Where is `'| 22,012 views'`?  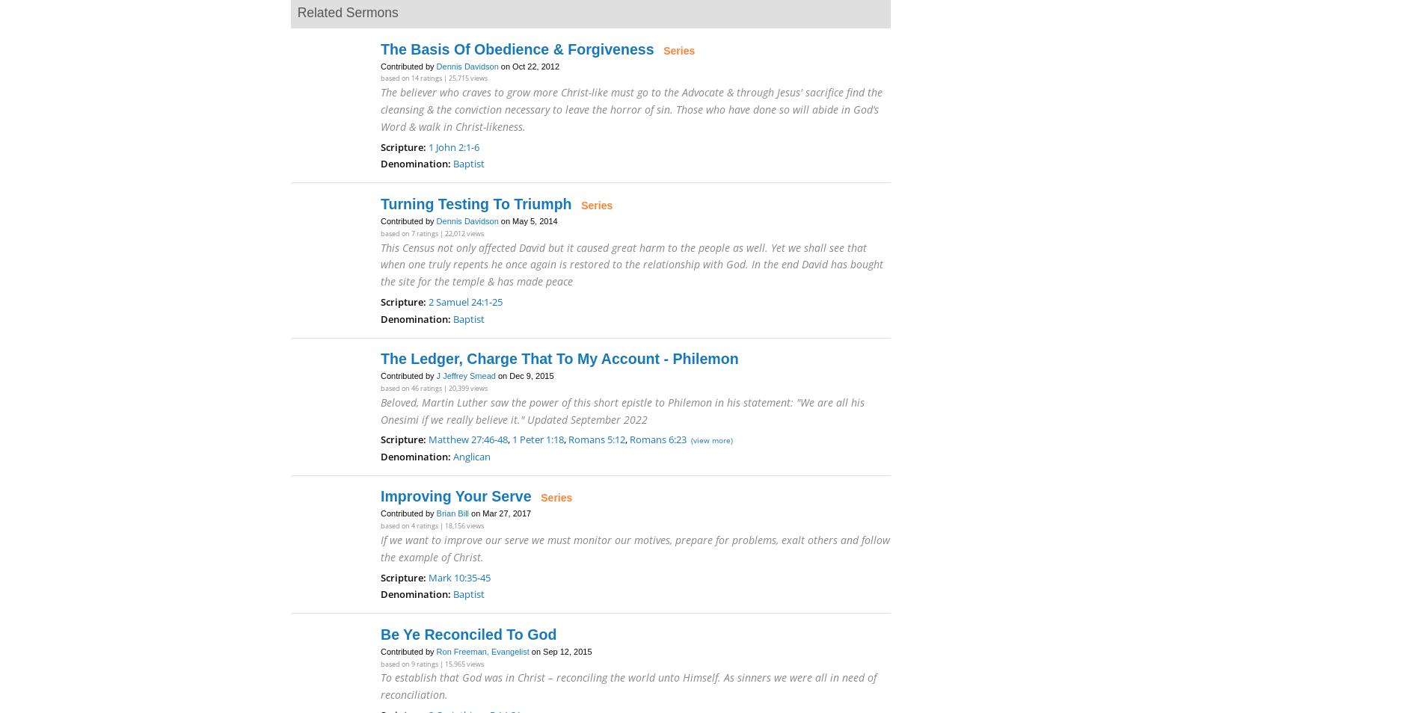
'| 22,012 views' is located at coordinates (461, 232).